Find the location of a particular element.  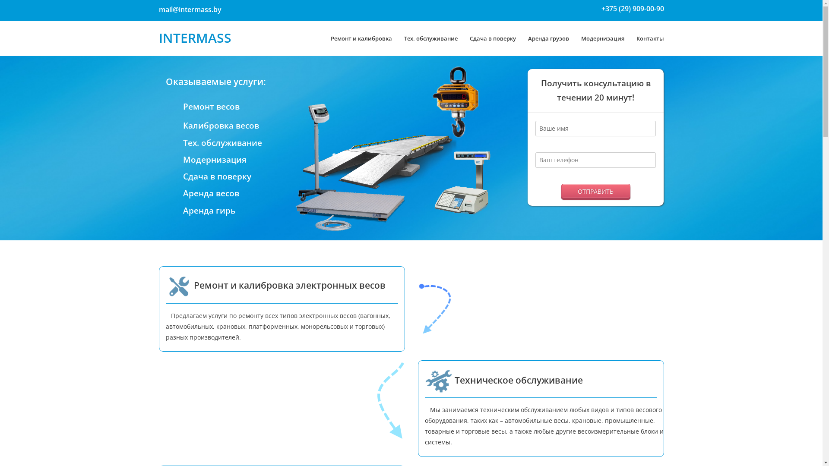

'INTERMASS' is located at coordinates (159, 37).